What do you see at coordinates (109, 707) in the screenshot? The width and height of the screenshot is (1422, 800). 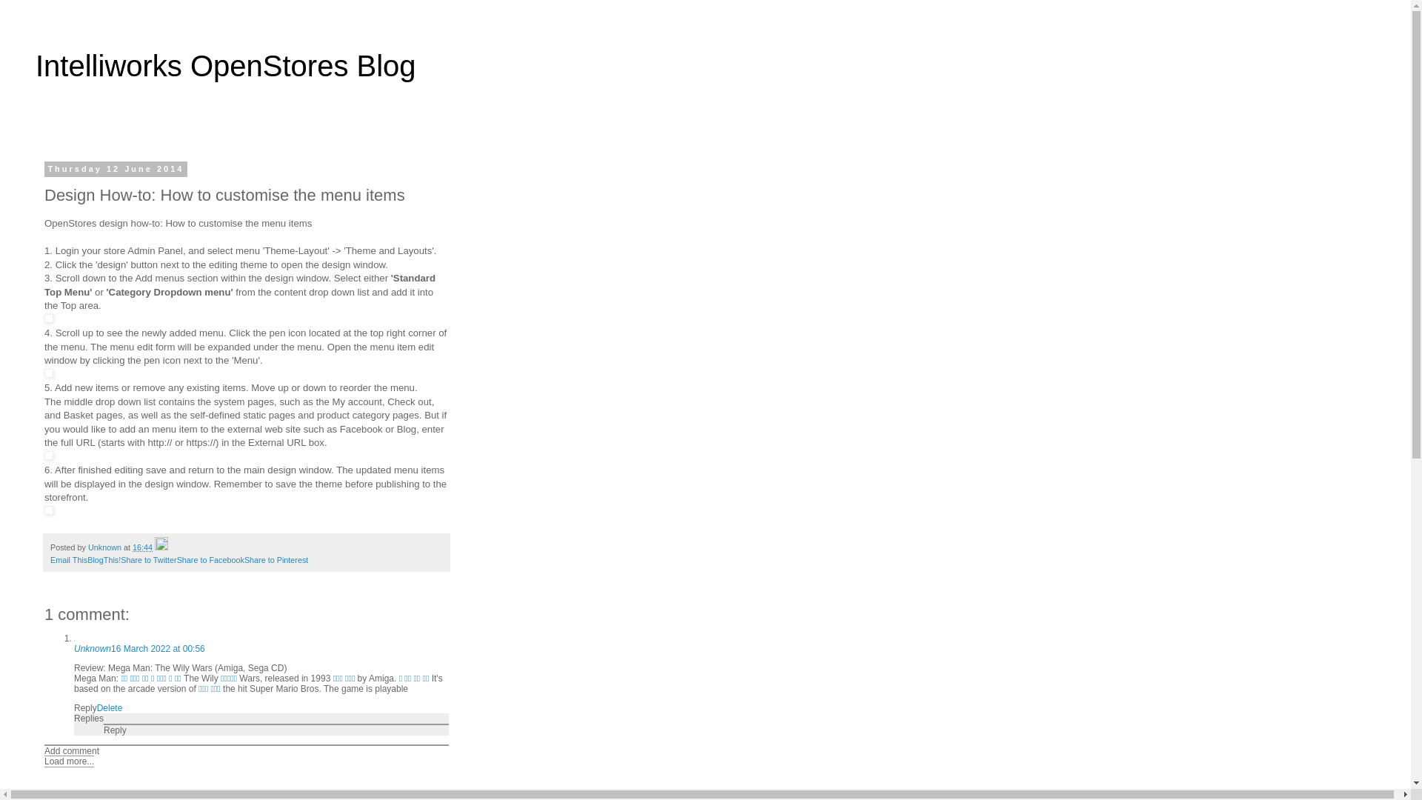 I see `'Delete'` at bounding box center [109, 707].